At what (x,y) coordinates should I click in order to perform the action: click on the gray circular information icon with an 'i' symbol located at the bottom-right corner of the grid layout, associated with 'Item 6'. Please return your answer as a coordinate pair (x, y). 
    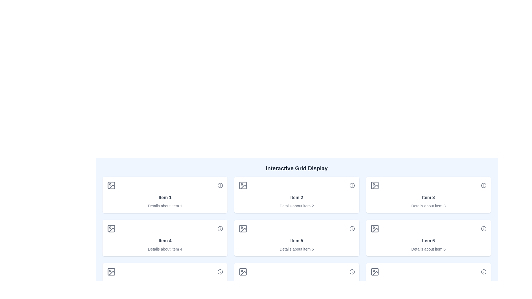
    Looking at the image, I should click on (352, 272).